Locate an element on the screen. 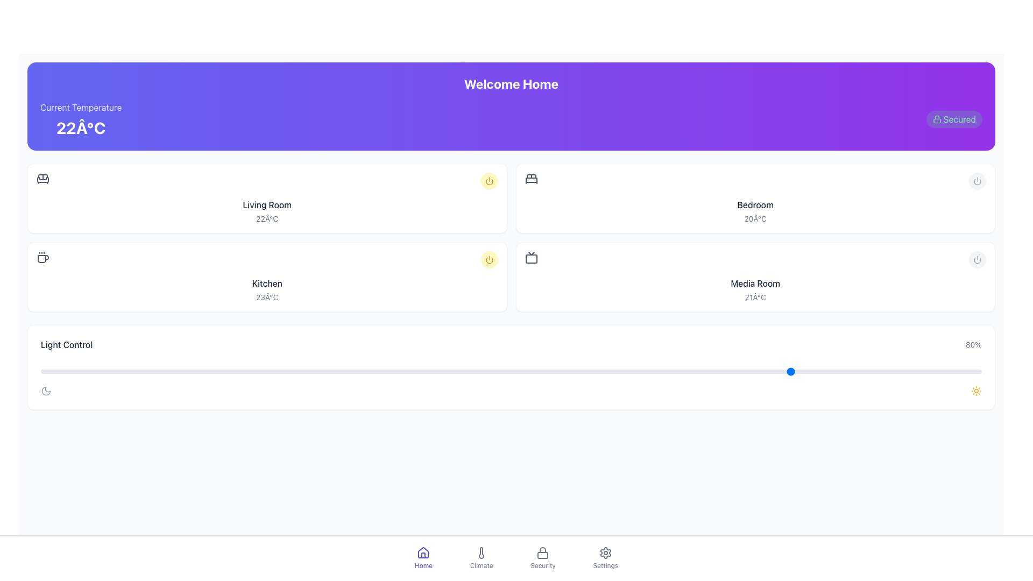 This screenshot has height=581, width=1033. the house-shaped SVG icon located in the bottom navigation bar is located at coordinates (423, 553).